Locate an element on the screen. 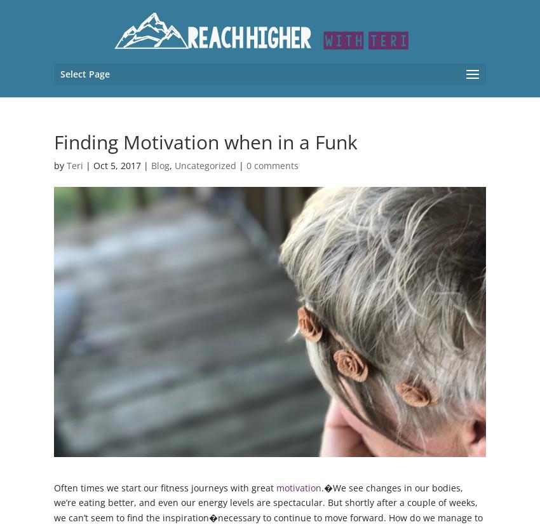 This screenshot has height=527, width=540. 'Oct 5, 2017' is located at coordinates (116, 165).